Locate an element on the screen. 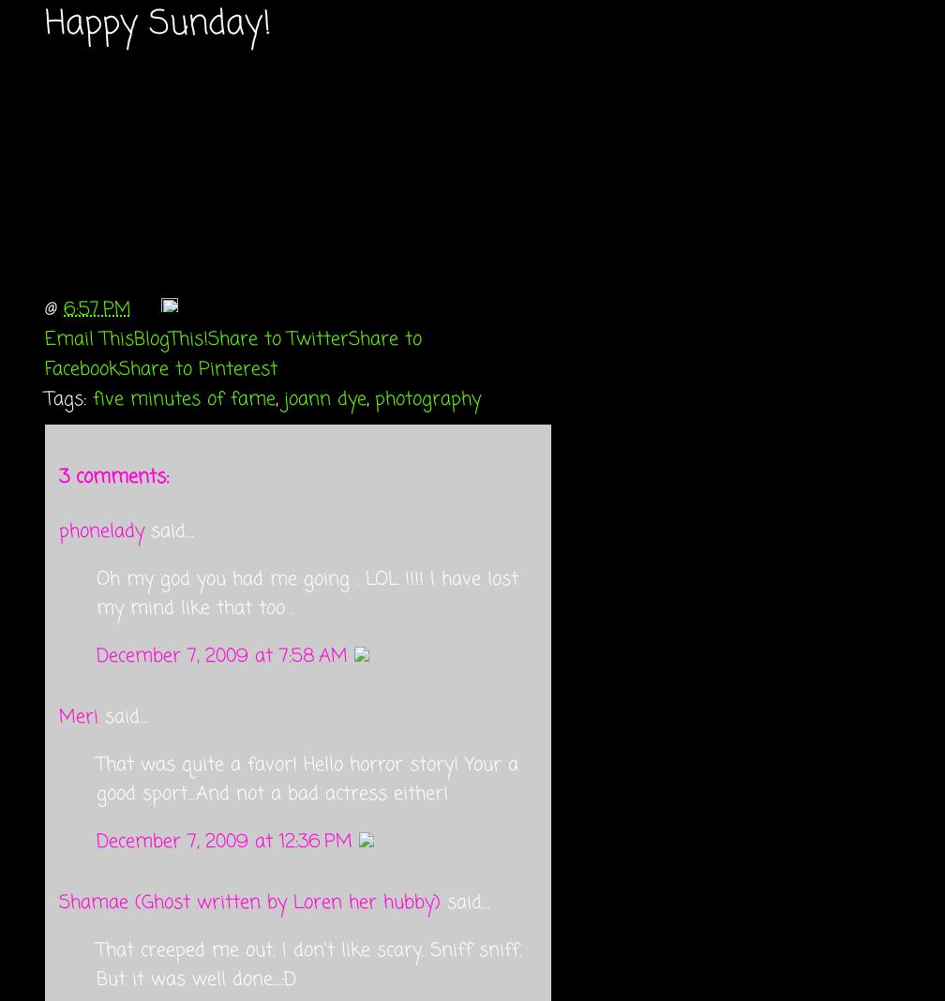 The height and width of the screenshot is (1001, 945). '@' is located at coordinates (44, 307).